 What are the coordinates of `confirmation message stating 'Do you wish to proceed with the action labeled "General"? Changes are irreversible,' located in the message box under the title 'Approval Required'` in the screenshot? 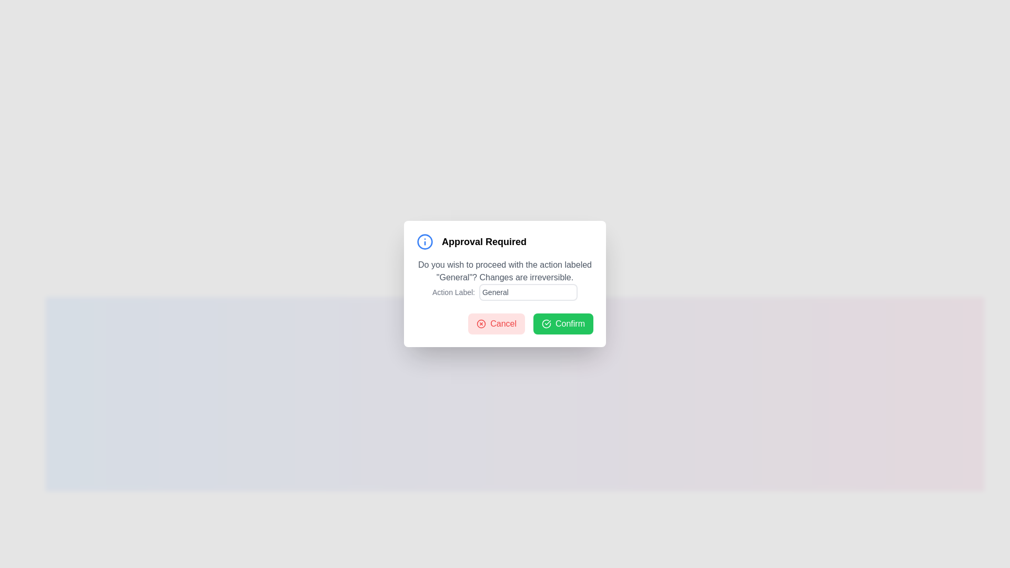 It's located at (505, 279).